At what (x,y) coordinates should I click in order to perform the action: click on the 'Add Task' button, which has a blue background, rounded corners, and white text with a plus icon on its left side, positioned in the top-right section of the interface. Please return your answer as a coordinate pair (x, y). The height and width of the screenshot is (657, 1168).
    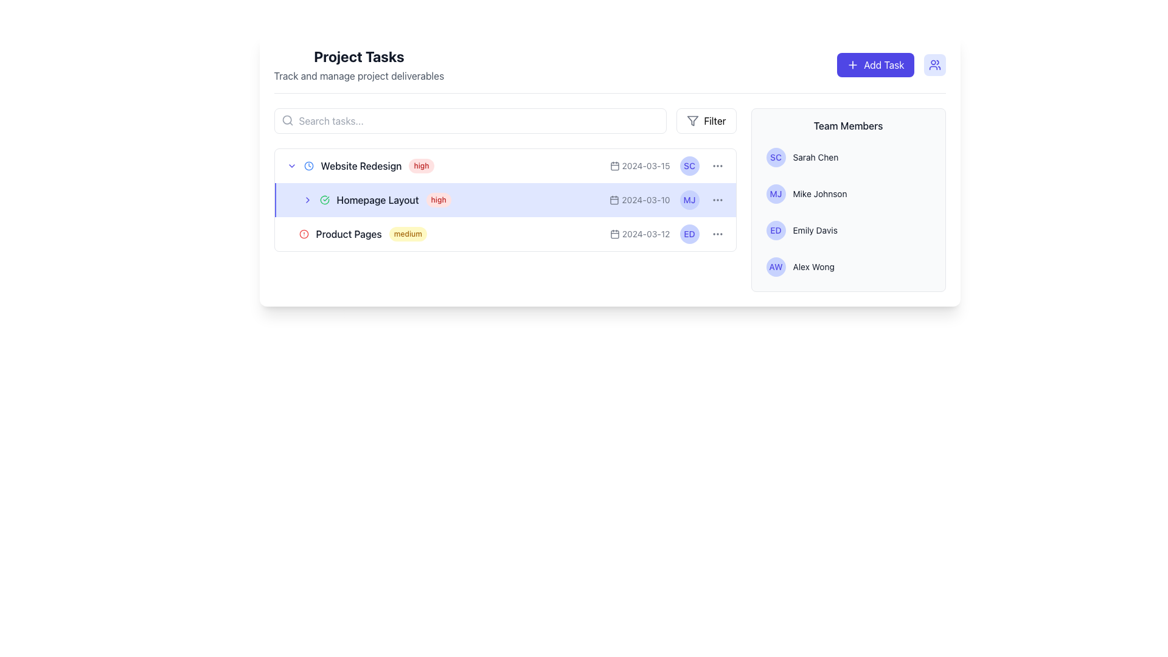
    Looking at the image, I should click on (875, 65).